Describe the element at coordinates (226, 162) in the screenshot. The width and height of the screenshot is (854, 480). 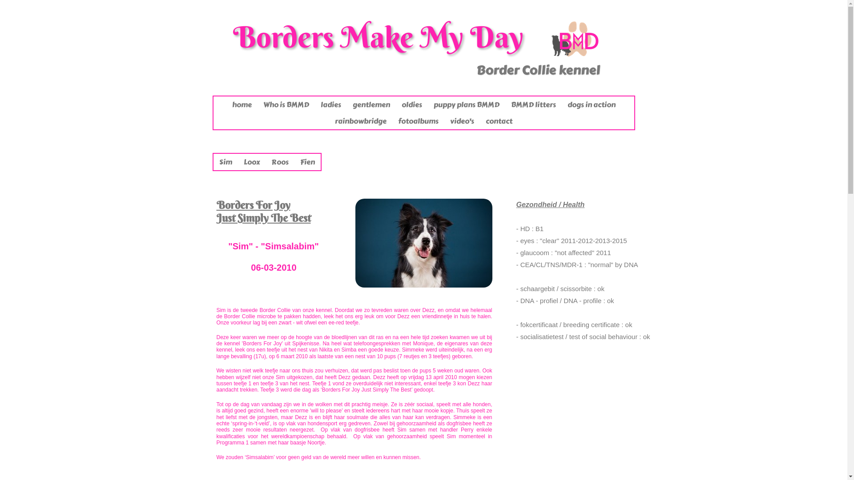
I see `'Sim'` at that location.